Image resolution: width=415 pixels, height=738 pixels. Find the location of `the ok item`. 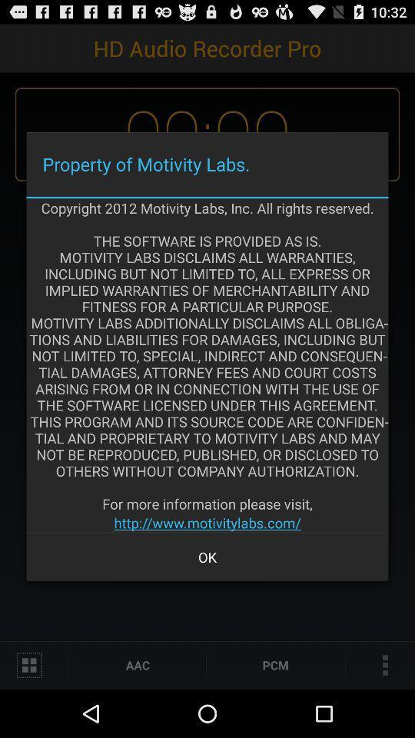

the ok item is located at coordinates (207, 556).